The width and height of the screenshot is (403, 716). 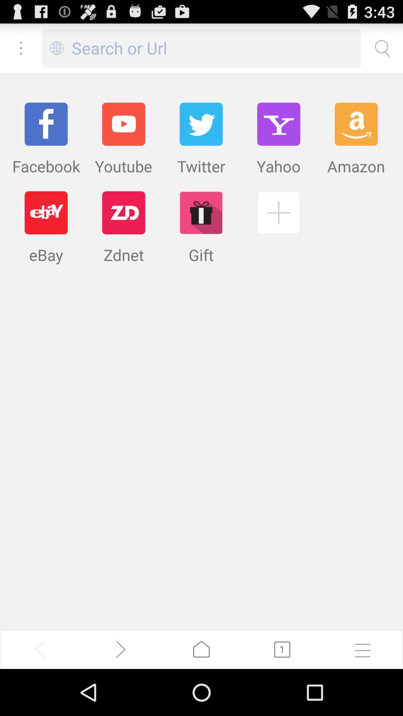 What do you see at coordinates (21, 51) in the screenshot?
I see `the more icon` at bounding box center [21, 51].